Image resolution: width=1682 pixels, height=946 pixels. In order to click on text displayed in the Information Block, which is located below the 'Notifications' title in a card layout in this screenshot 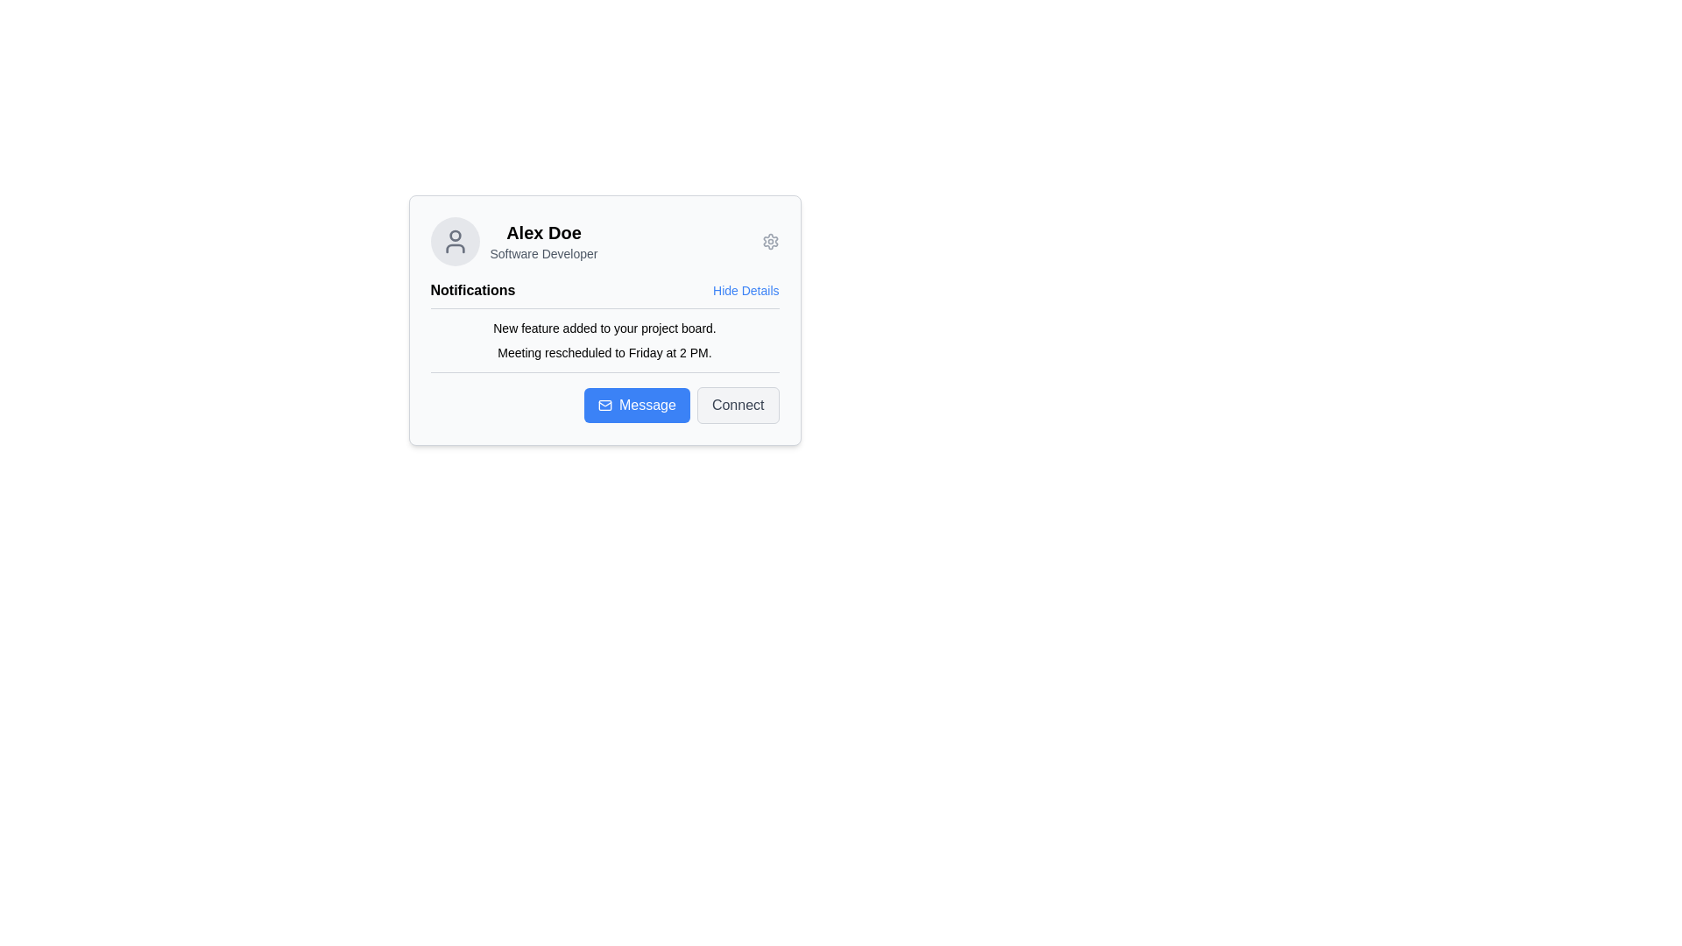, I will do `click(604, 327)`.